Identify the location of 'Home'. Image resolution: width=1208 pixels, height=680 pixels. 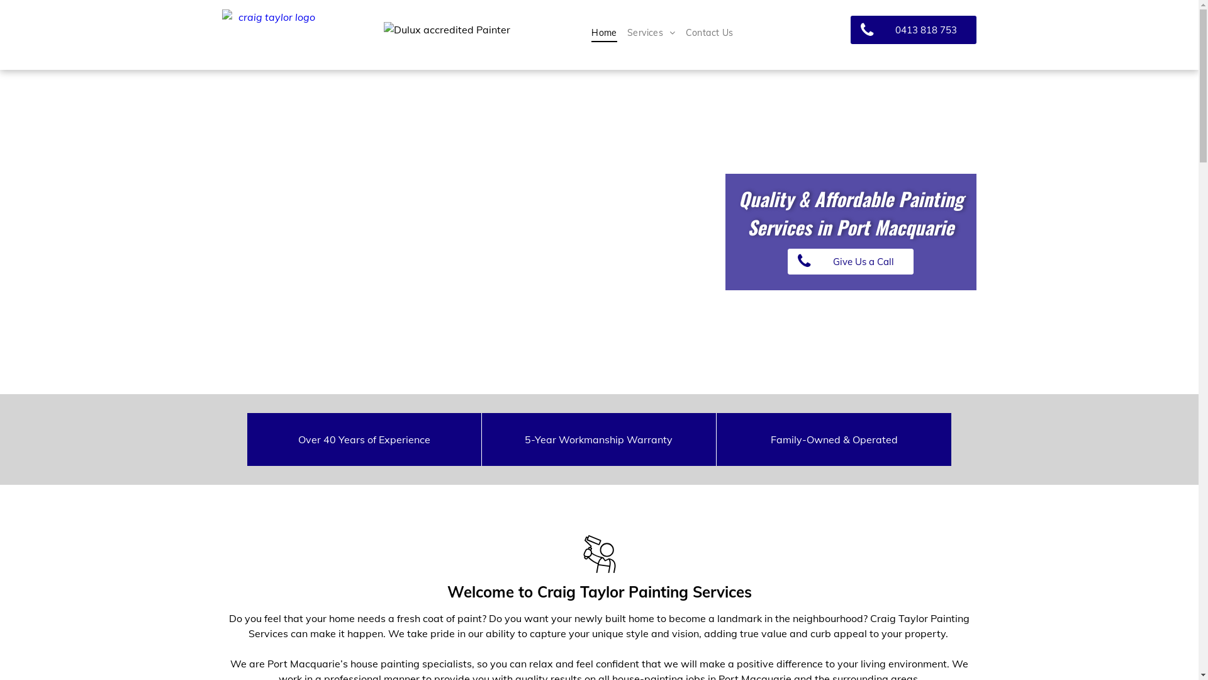
(585, 32).